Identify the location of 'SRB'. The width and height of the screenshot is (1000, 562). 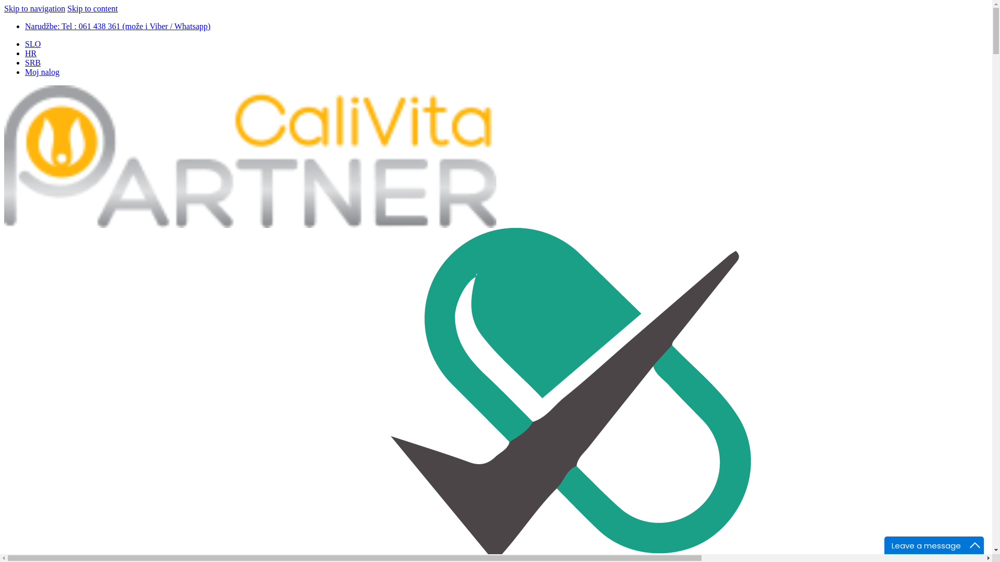
(32, 62).